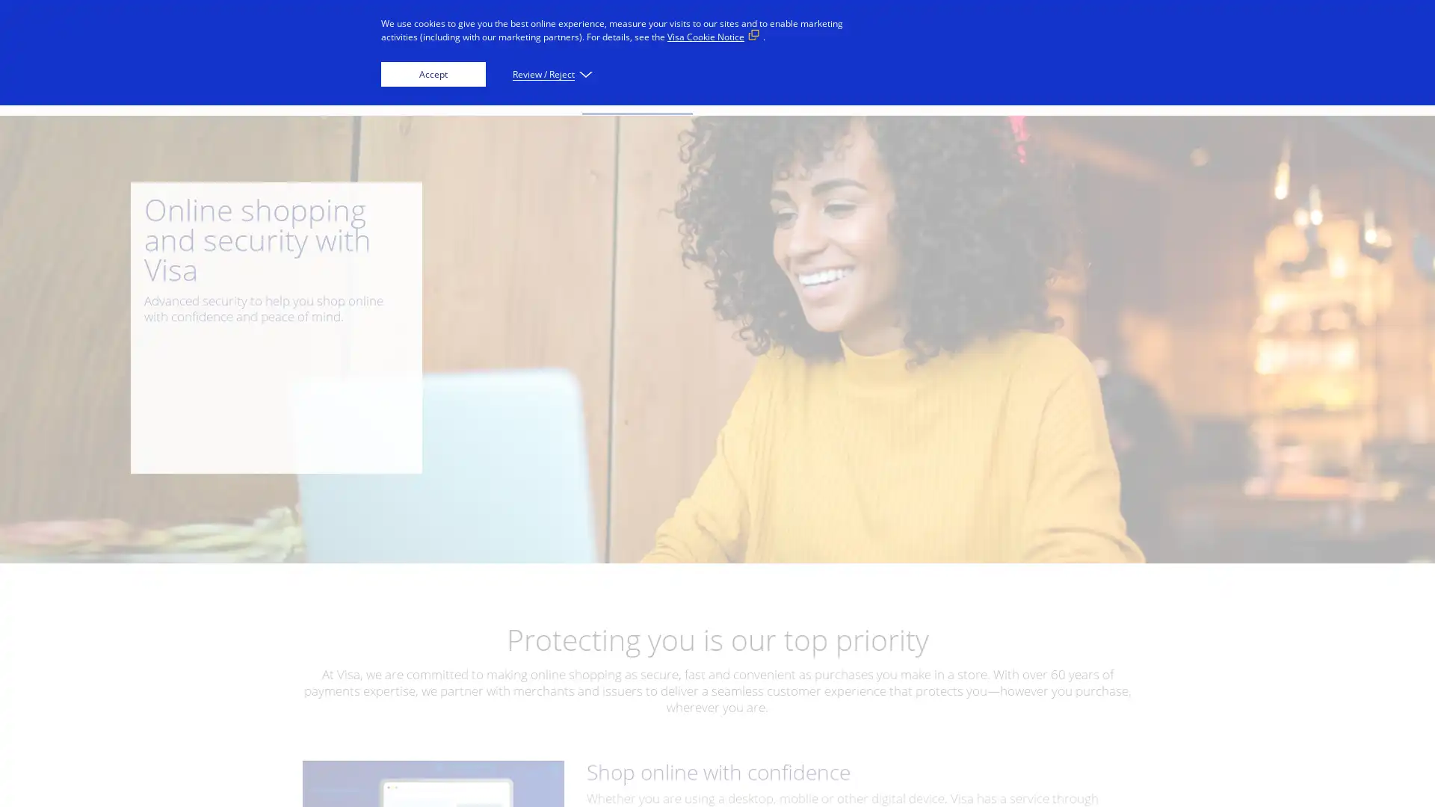 This screenshot has width=1435, height=807. Describe the element at coordinates (549, 74) in the screenshot. I see `Review / Reject` at that location.